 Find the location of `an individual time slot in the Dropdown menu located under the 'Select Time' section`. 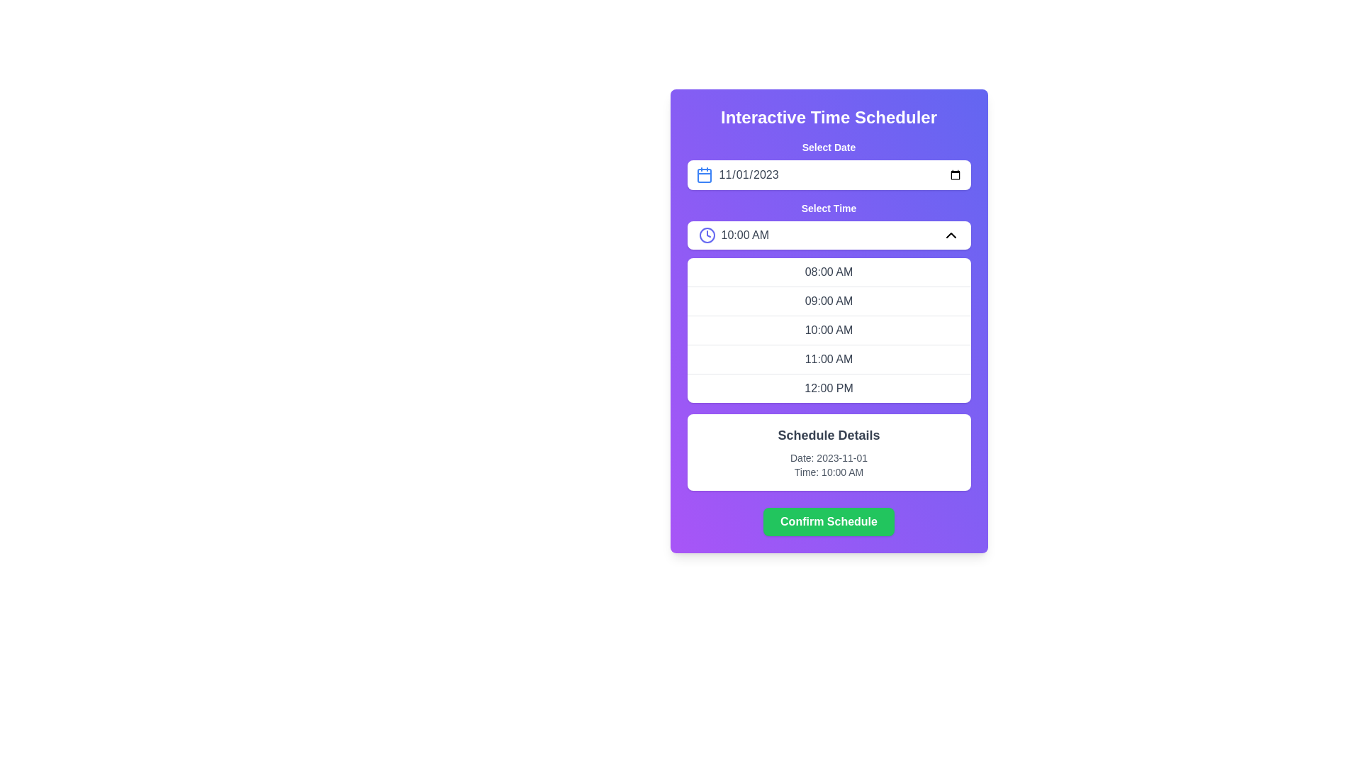

an individual time slot in the Dropdown menu located under the 'Select Time' section is located at coordinates (829, 301).